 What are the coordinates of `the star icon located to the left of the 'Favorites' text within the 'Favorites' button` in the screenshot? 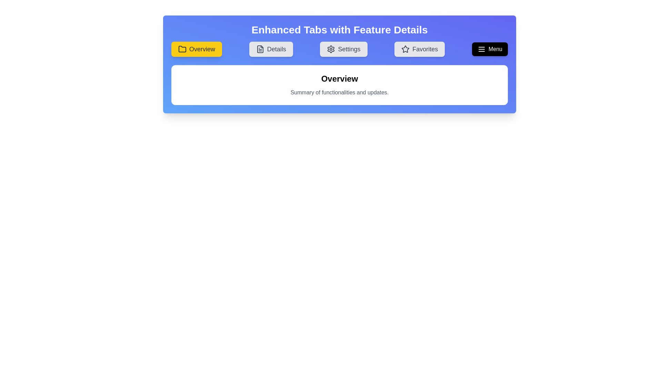 It's located at (405, 49).